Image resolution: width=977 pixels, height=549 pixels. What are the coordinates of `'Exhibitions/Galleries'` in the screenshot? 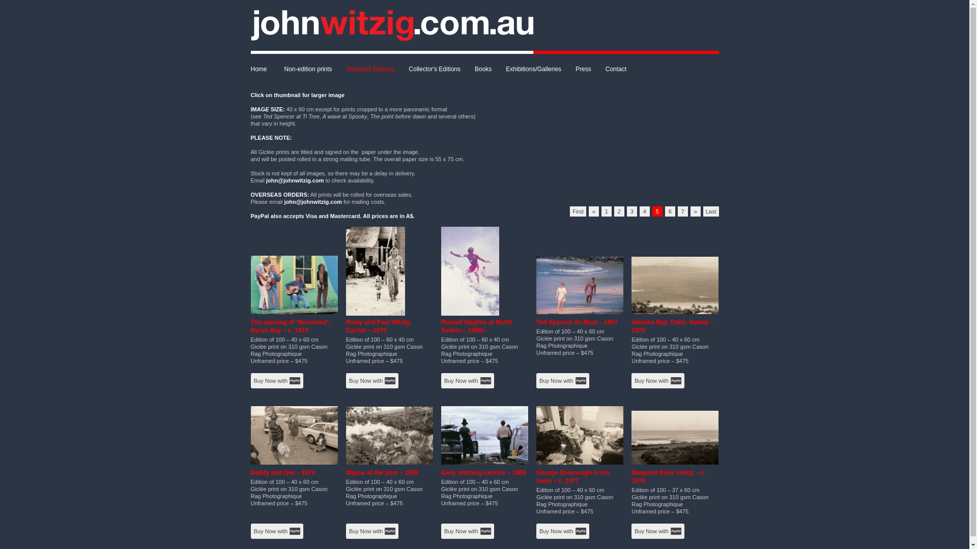 It's located at (533, 69).